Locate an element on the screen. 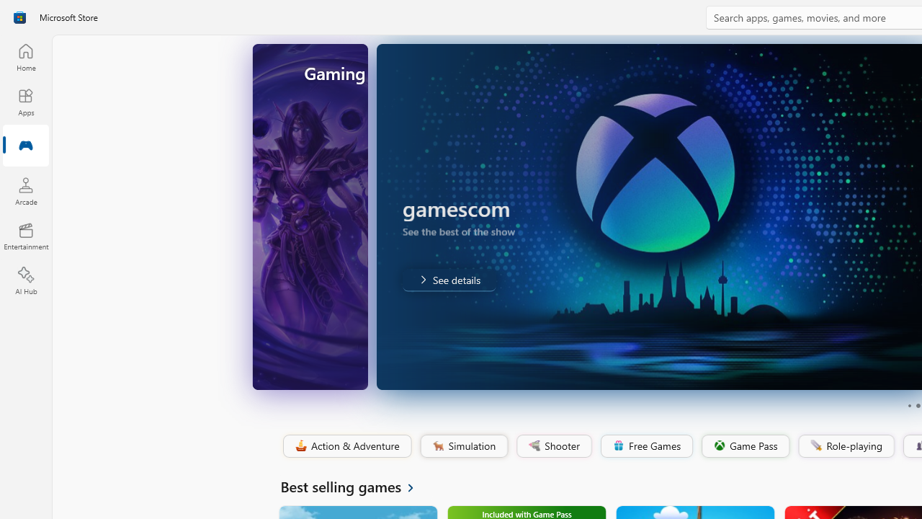  'AI Hub' is located at coordinates (25, 281).